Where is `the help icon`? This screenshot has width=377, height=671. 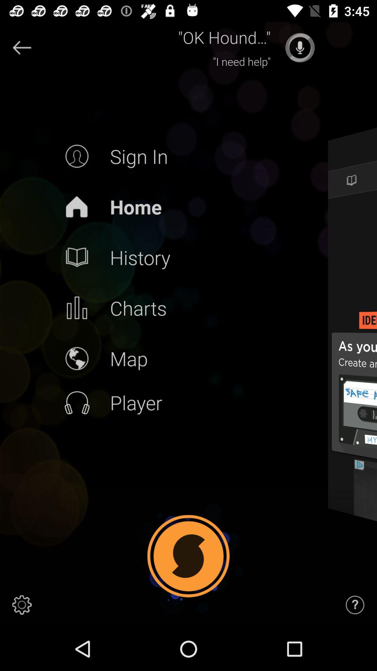 the help icon is located at coordinates (355, 605).